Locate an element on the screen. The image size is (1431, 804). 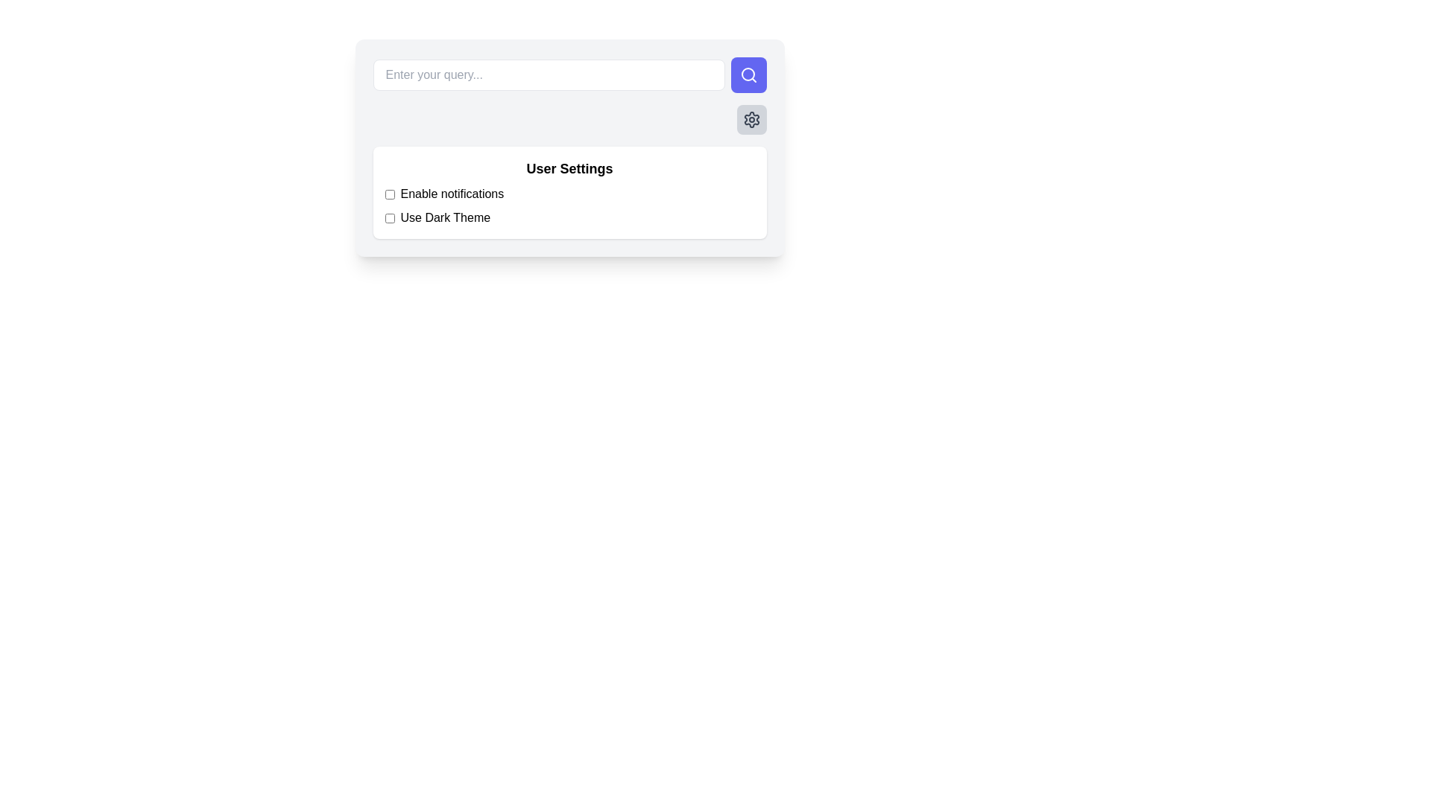
the decorative circular element of the search icon, located near the top-right corner of the interface is located at coordinates (748, 74).